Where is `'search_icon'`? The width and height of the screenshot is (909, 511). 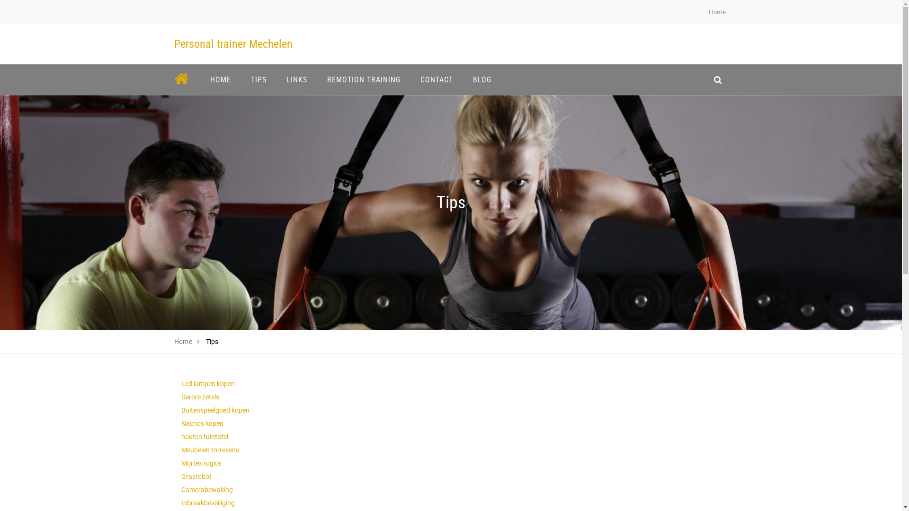
'search_icon' is located at coordinates (717, 79).